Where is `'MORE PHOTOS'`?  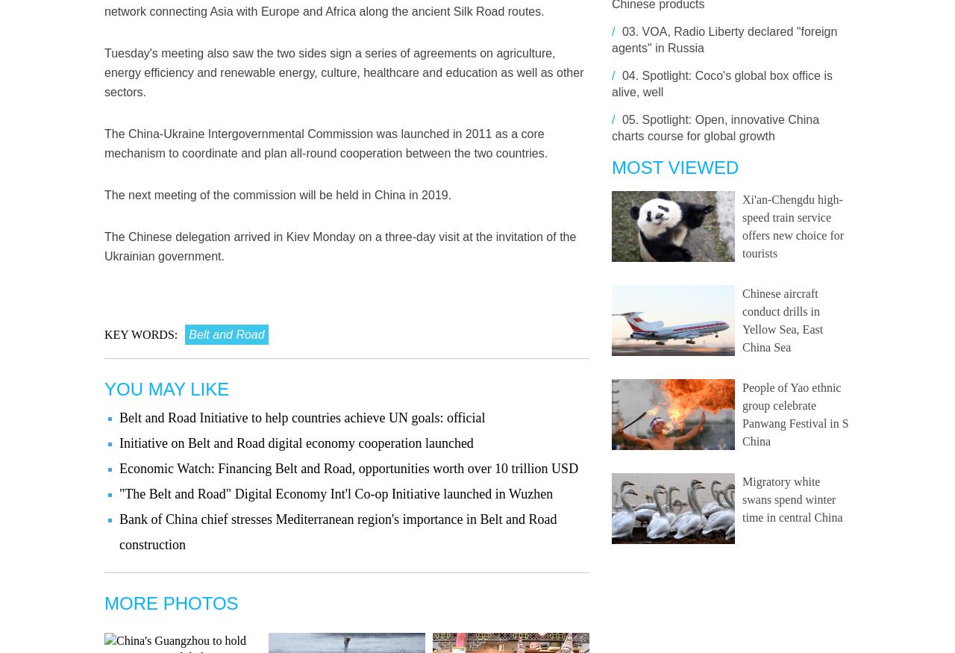 'MORE PHOTOS' is located at coordinates (171, 602).